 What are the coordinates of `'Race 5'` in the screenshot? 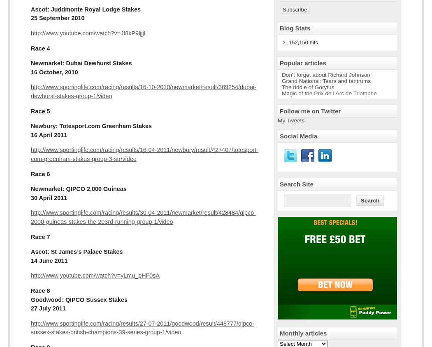 It's located at (40, 110).